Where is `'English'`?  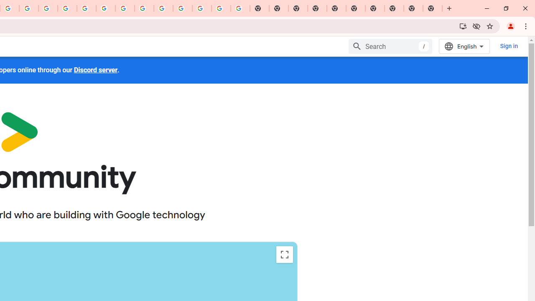 'English' is located at coordinates (464, 46).